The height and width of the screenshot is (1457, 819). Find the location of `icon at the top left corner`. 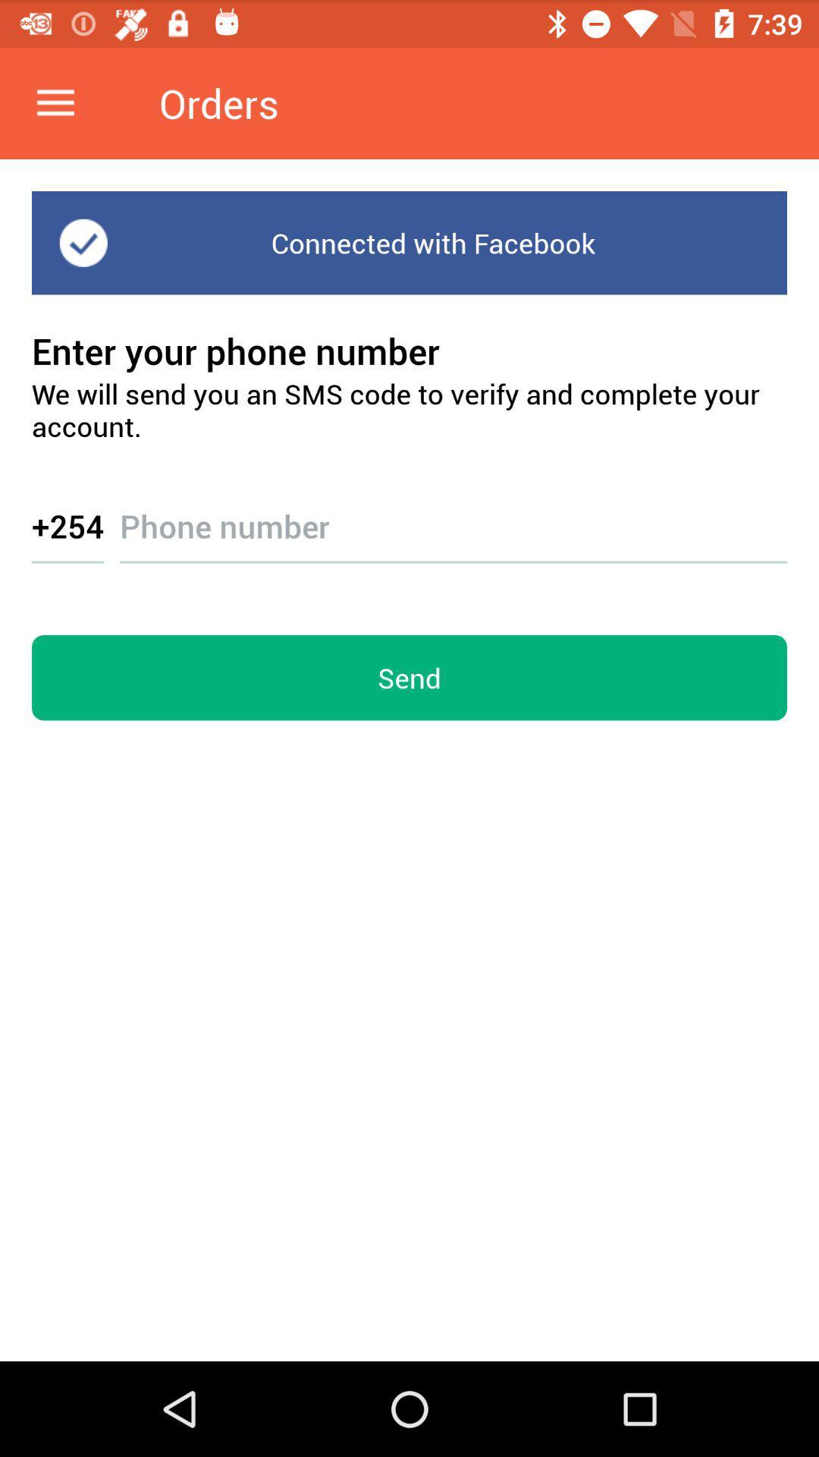

icon at the top left corner is located at coordinates (55, 102).